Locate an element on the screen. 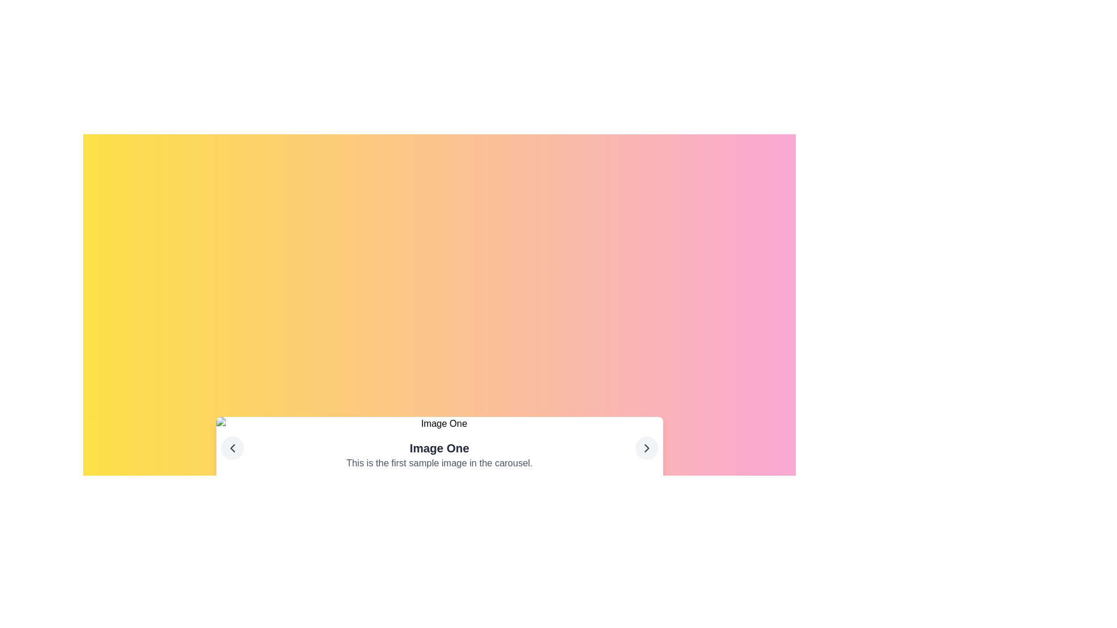 The height and width of the screenshot is (628, 1117). the left navigation button located on the left side of the lower rectangular card element in the carousel is located at coordinates (232, 448).